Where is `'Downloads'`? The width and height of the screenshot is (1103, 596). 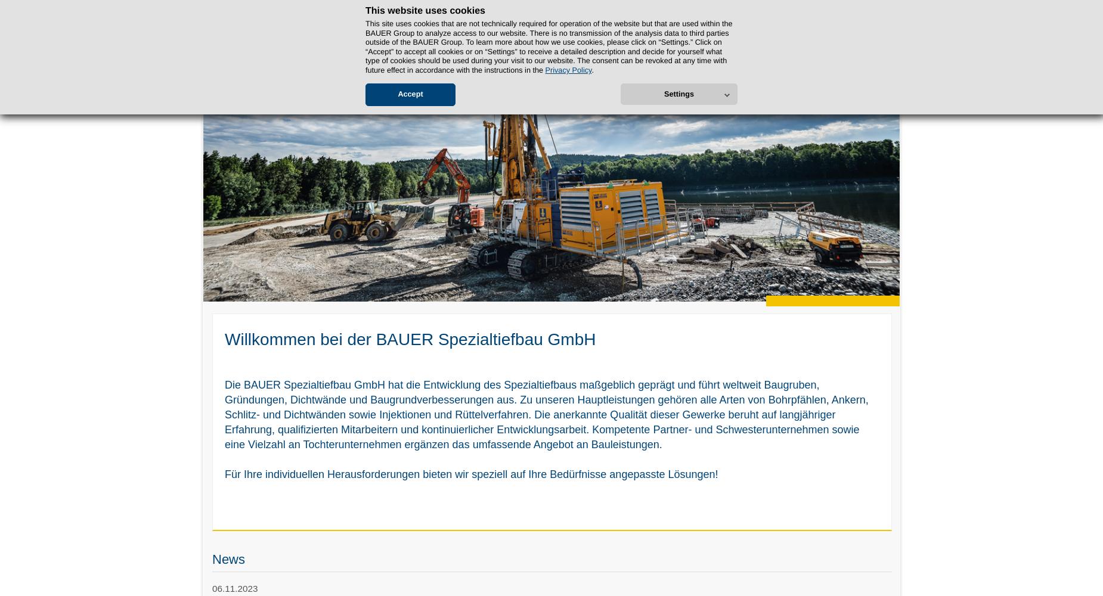
'Downloads' is located at coordinates (708, 72).